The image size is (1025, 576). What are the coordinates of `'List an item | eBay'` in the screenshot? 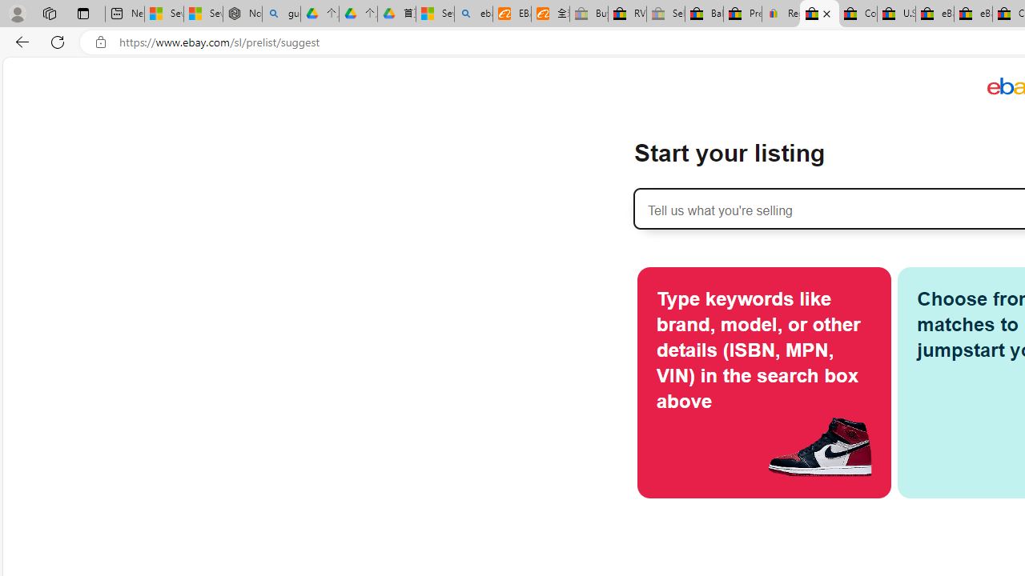 It's located at (819, 14).